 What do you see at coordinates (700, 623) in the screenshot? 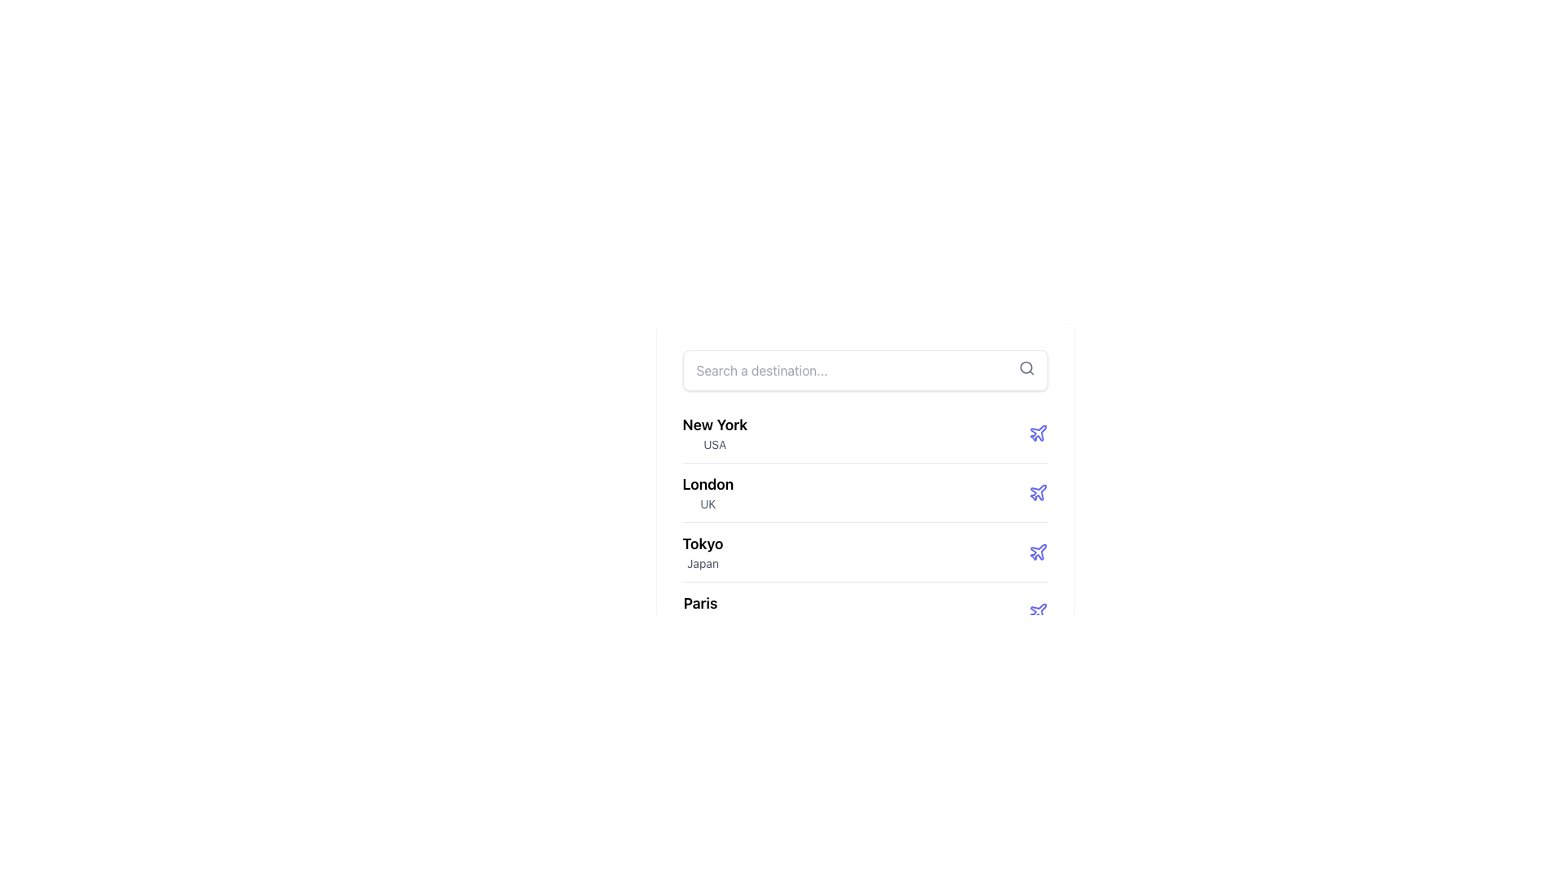
I see `the text label that specifies the country 'France' associated with the city 'Paris' for accessibility purposes` at bounding box center [700, 623].